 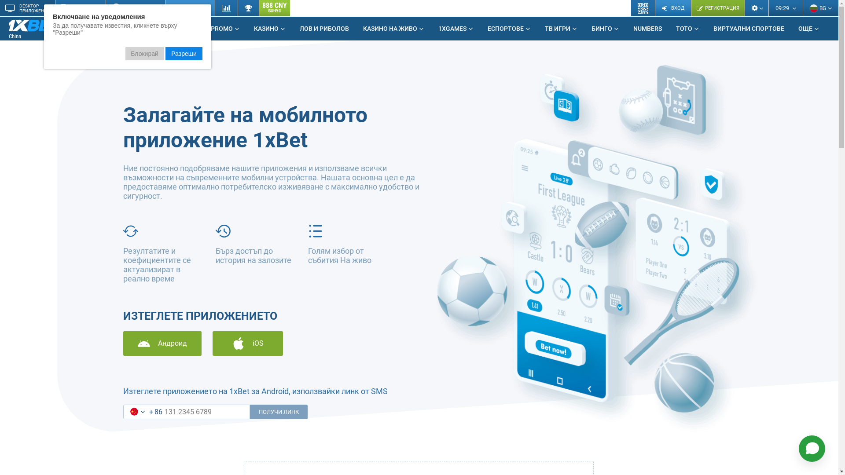 I want to click on '1XGAMES', so click(x=456, y=28).